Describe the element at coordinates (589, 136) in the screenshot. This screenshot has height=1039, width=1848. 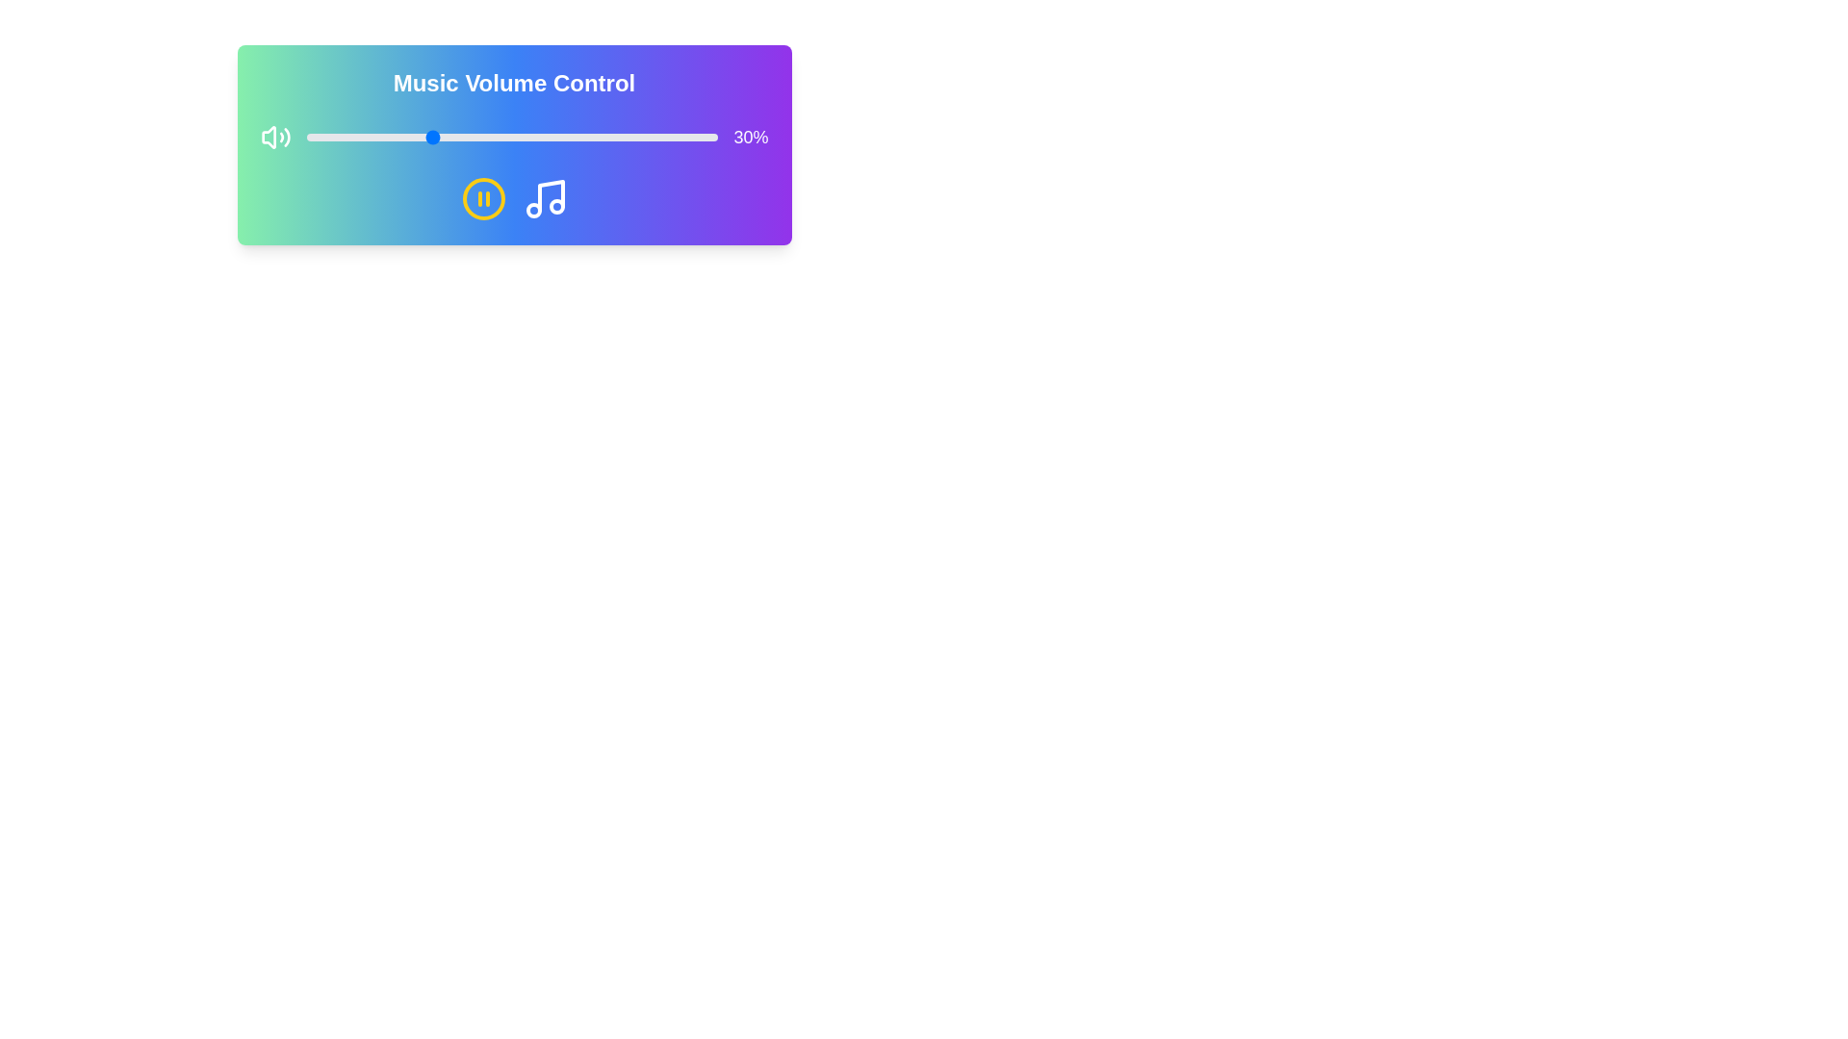
I see `the volume` at that location.